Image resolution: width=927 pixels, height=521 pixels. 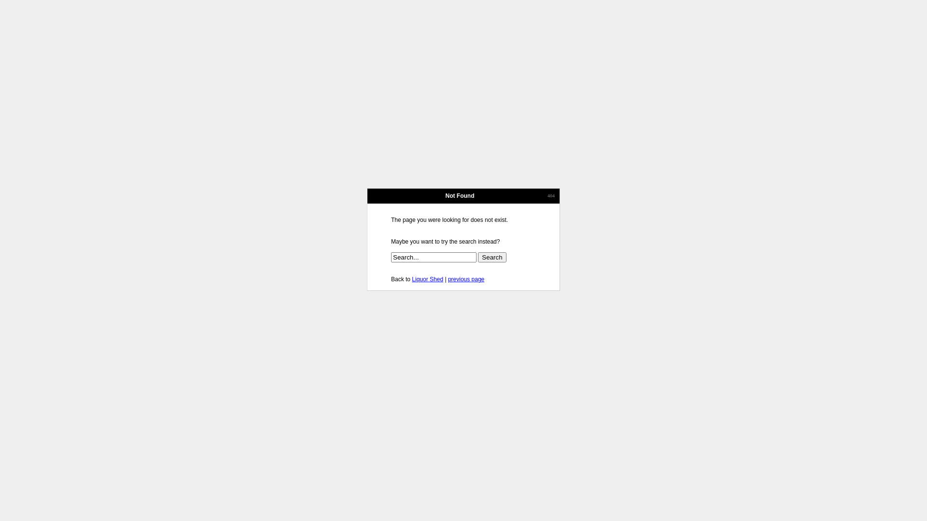 What do you see at coordinates (427, 279) in the screenshot?
I see `'Liquor Shed'` at bounding box center [427, 279].